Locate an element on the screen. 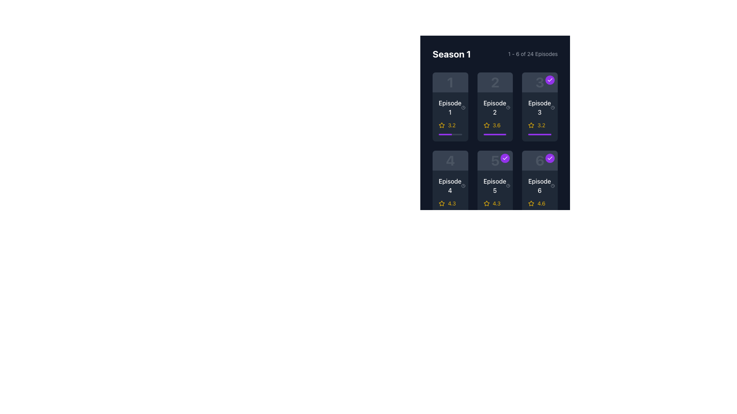 Image resolution: width=737 pixels, height=414 pixels. the label that serves as a title or identifier for a specific episode, located in the second row, first column of a 3x2 grid layout is located at coordinates (450, 186).